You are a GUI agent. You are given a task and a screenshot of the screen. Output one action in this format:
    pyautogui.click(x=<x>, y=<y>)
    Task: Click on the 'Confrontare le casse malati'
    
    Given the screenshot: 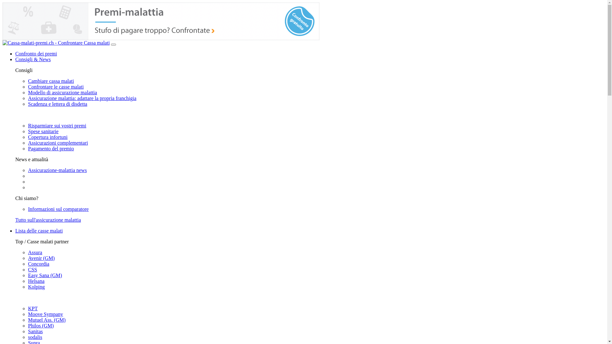 What is the action you would take?
    pyautogui.click(x=27, y=87)
    